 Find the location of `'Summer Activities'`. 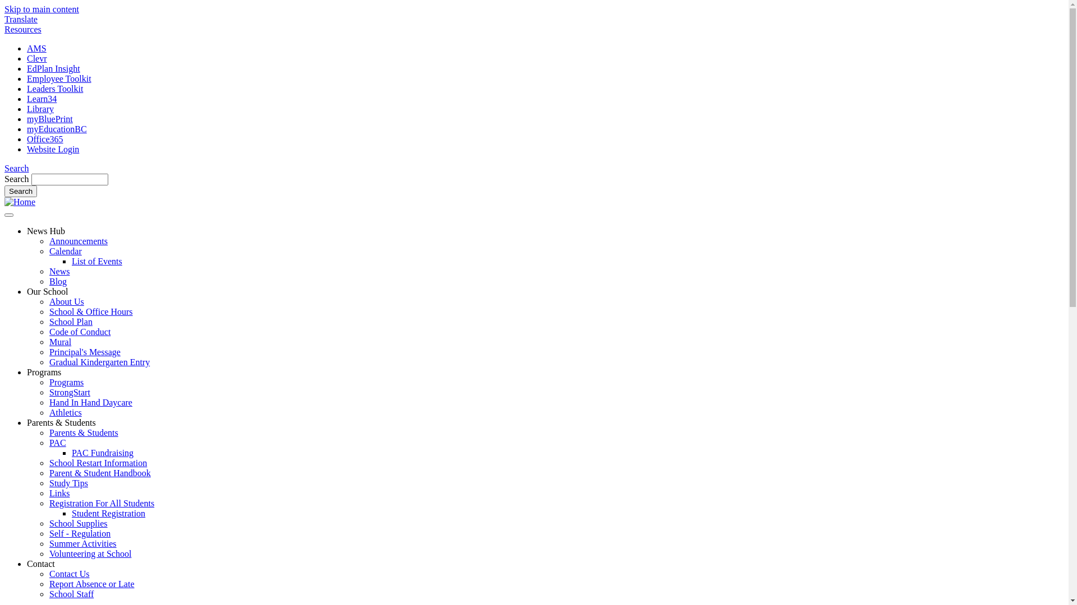

'Summer Activities' is located at coordinates (48, 543).